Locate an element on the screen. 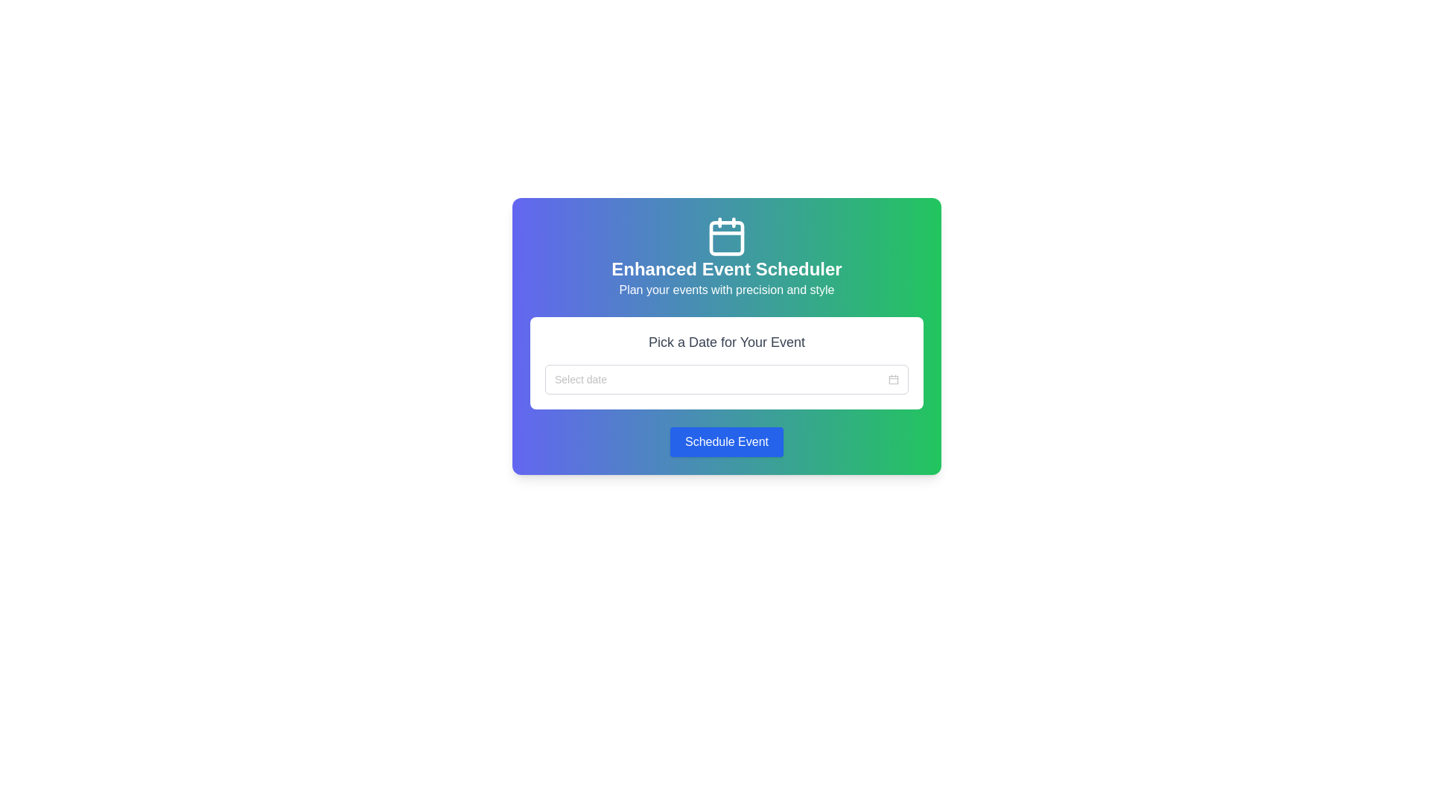  the input field of the Interactive date picker component labeled 'Select date' to focus on it is located at coordinates (726, 363).